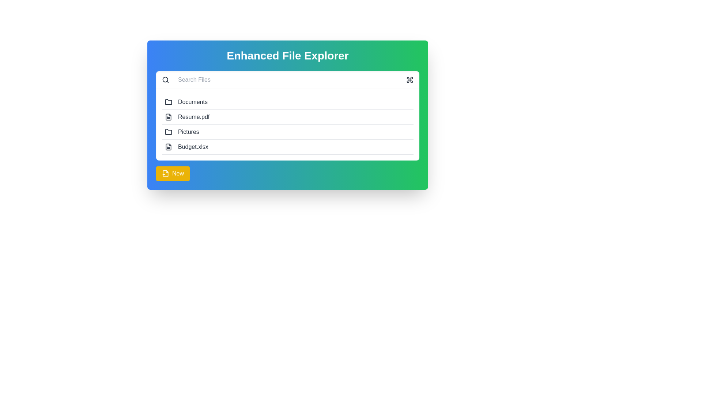  I want to click on to select or interact with the file 'Resume.pdf', which is the second item in the file browsing interface, so click(287, 124).